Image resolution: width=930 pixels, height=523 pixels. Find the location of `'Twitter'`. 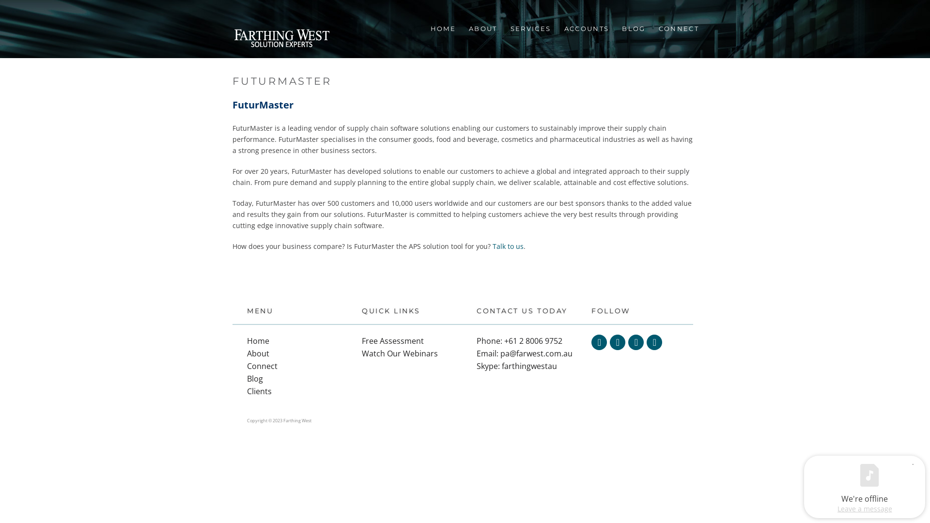

'Twitter' is located at coordinates (599, 341).